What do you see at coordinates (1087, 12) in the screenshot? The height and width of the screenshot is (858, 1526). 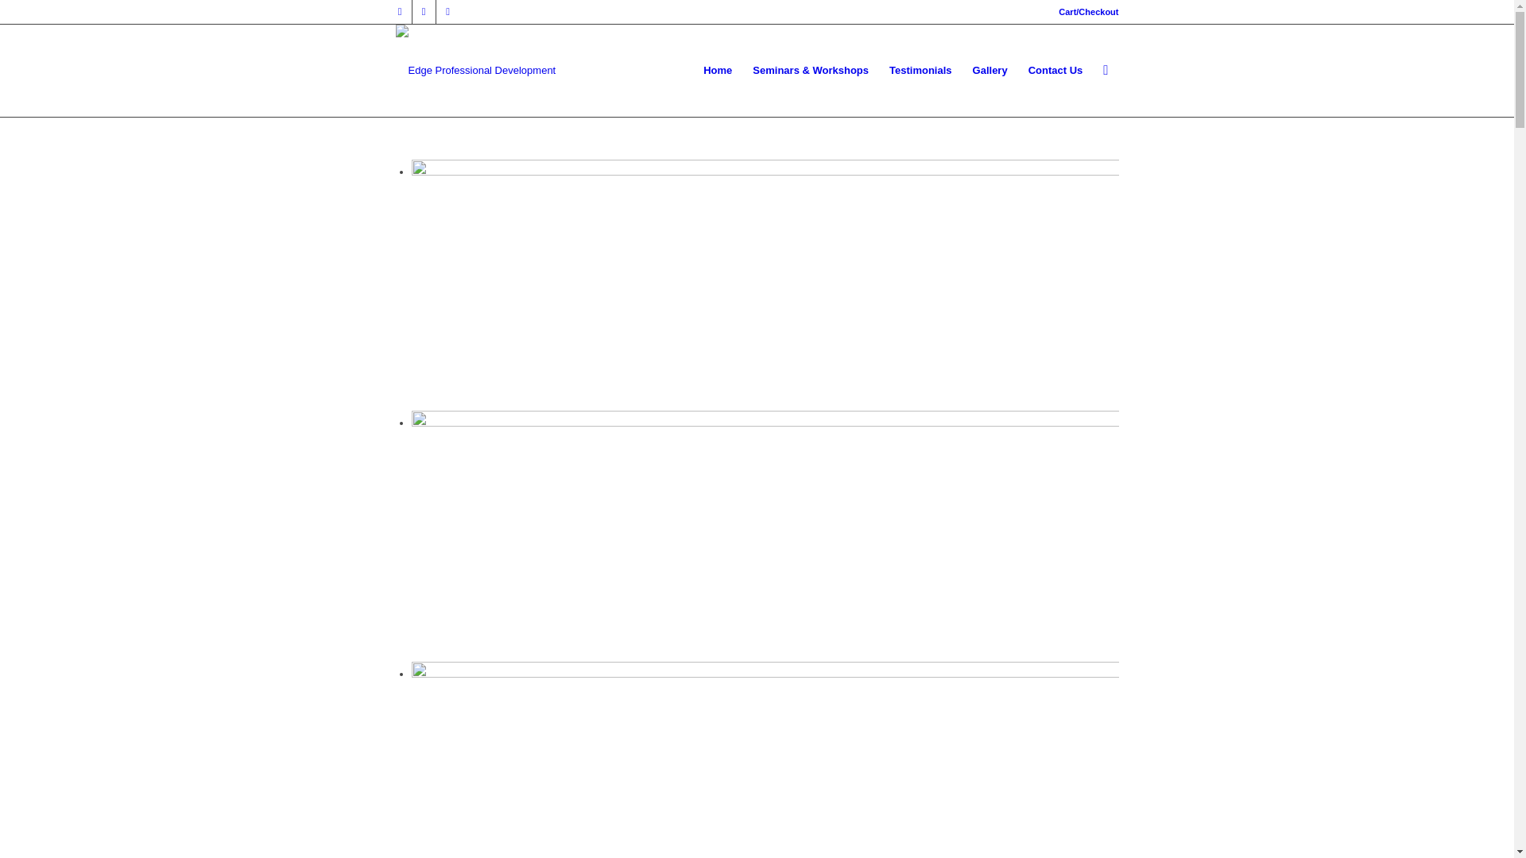 I see `'Cart/Checkout'` at bounding box center [1087, 12].